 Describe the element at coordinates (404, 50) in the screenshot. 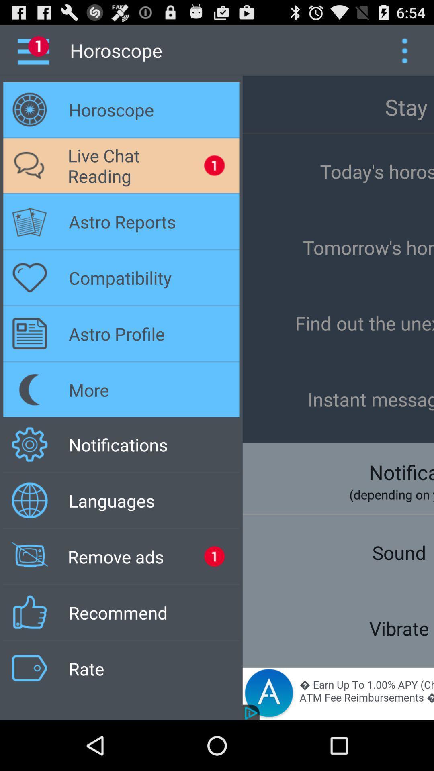

I see `opens menu` at that location.